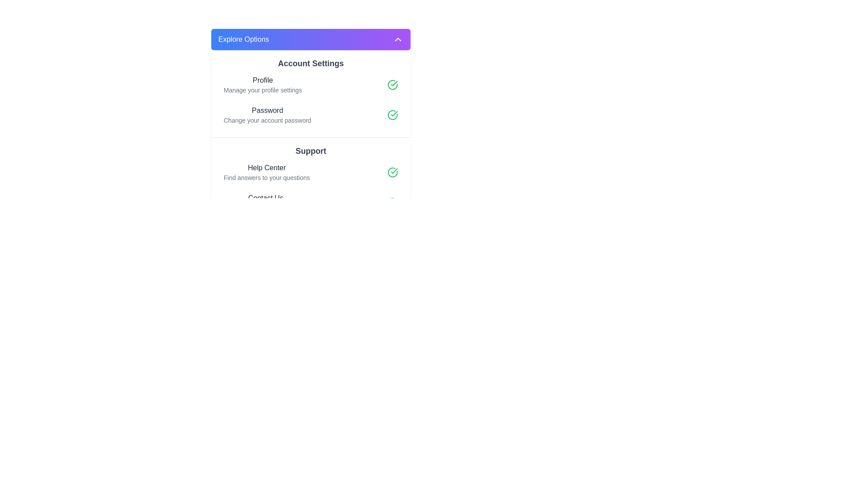  What do you see at coordinates (267, 114) in the screenshot?
I see `the 'Password' text label in the 'Account Settings' section, which includes the instruction 'Change your account password'` at bounding box center [267, 114].